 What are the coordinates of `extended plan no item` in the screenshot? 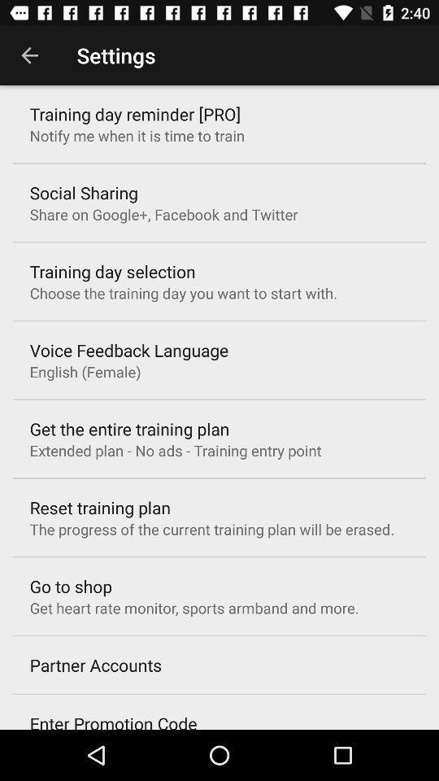 It's located at (175, 450).